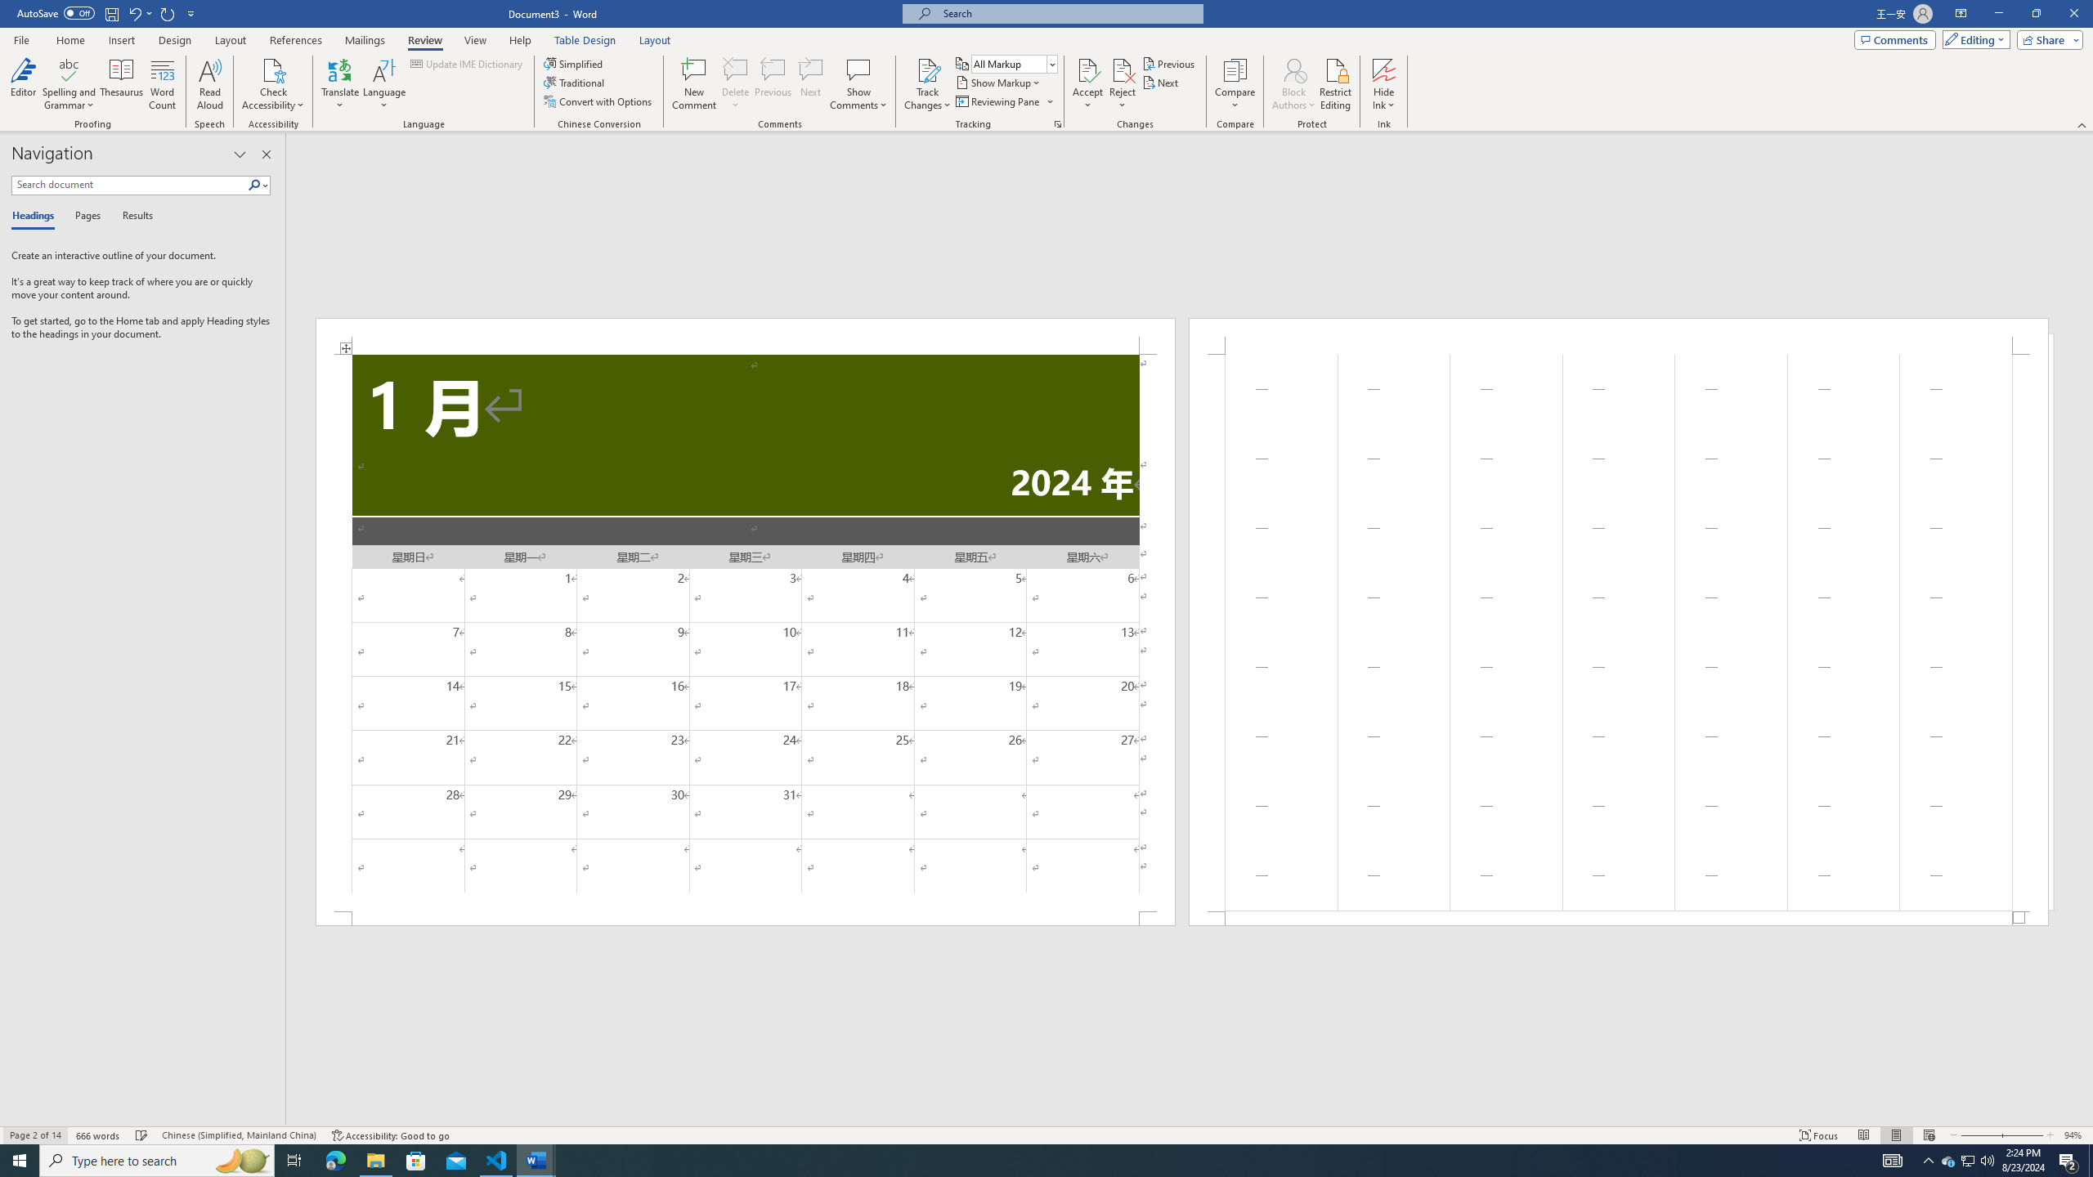 Image resolution: width=2093 pixels, height=1177 pixels. Describe the element at coordinates (1235, 84) in the screenshot. I see `'Compare'` at that location.